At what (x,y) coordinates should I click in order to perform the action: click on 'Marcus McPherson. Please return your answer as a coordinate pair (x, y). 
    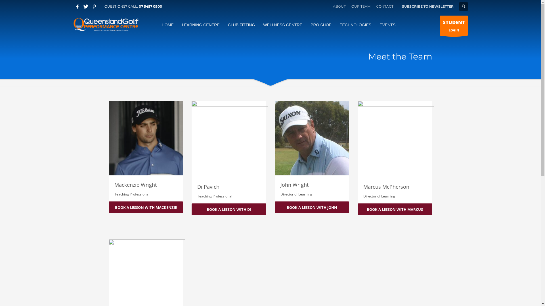
    Looking at the image, I should click on (395, 152).